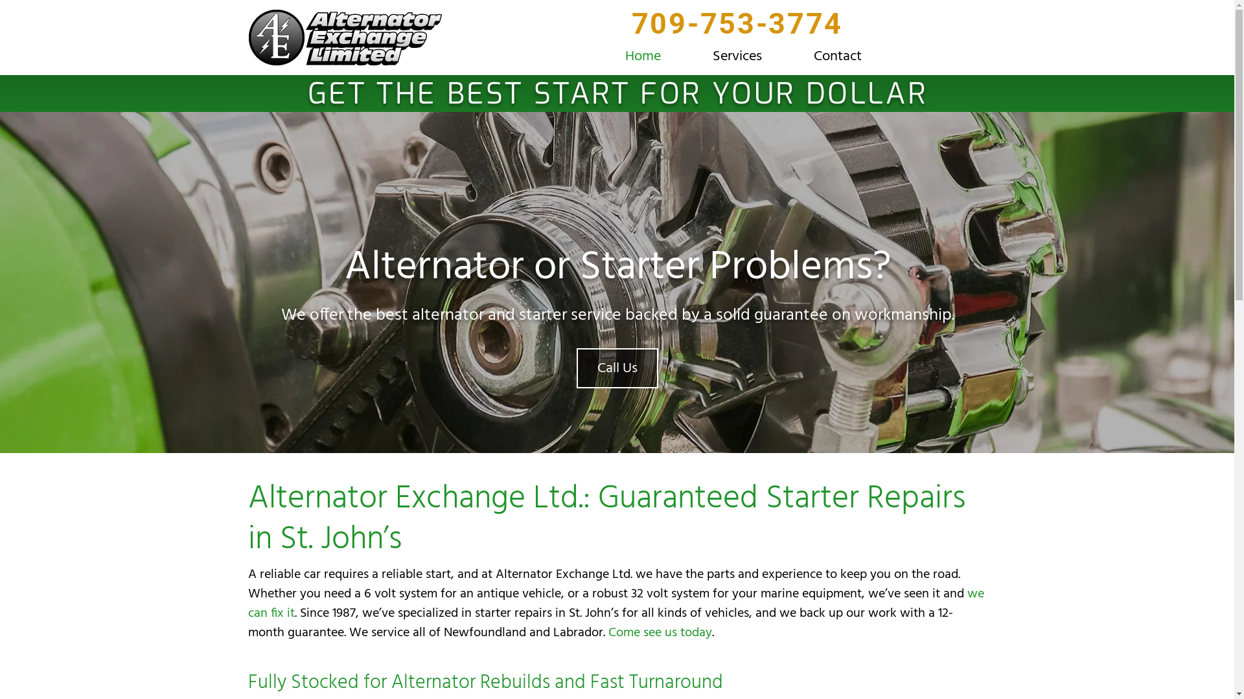 This screenshot has height=699, width=1244. What do you see at coordinates (659, 630) in the screenshot?
I see `'Come see us today'` at bounding box center [659, 630].